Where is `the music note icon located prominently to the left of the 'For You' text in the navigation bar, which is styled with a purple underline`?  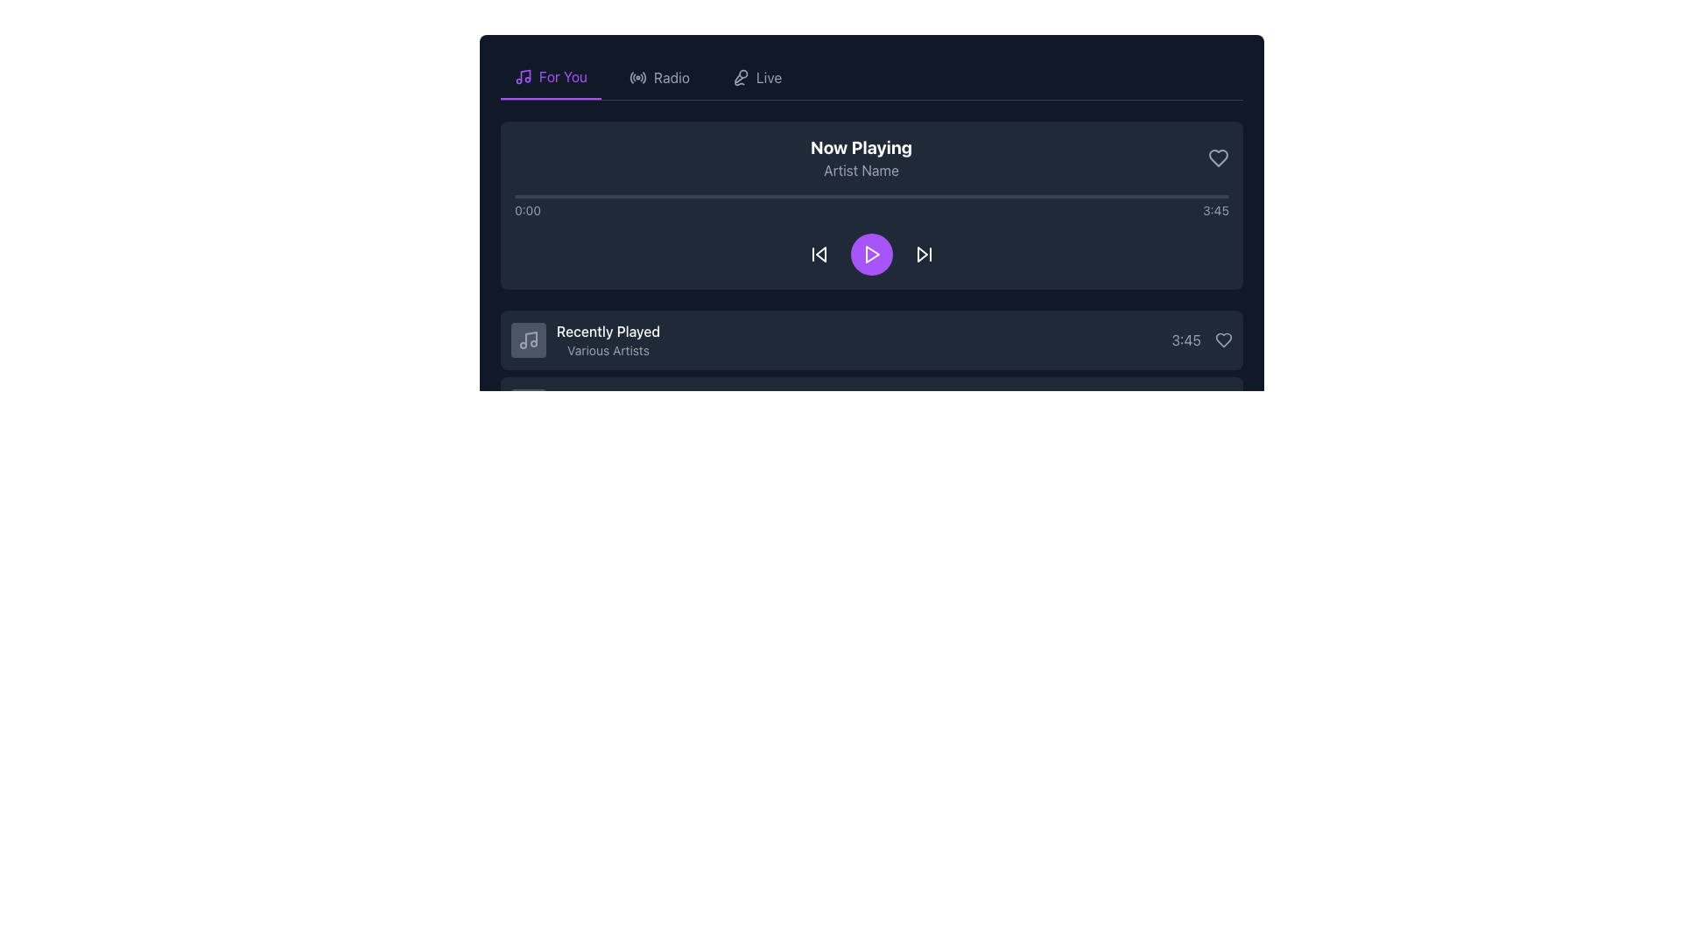
the music note icon located prominently to the left of the 'For You' text in the navigation bar, which is styled with a purple underline is located at coordinates (523, 76).